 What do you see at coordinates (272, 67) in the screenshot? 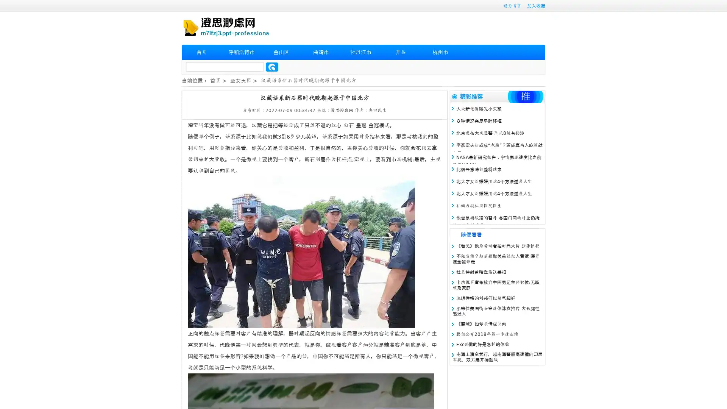
I see `Search` at bounding box center [272, 67].